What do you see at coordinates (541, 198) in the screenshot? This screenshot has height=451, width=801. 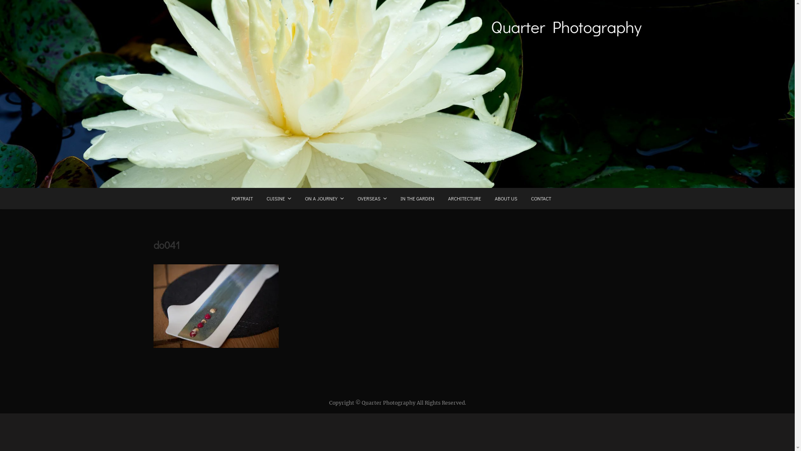 I see `'CONTACT'` at bounding box center [541, 198].